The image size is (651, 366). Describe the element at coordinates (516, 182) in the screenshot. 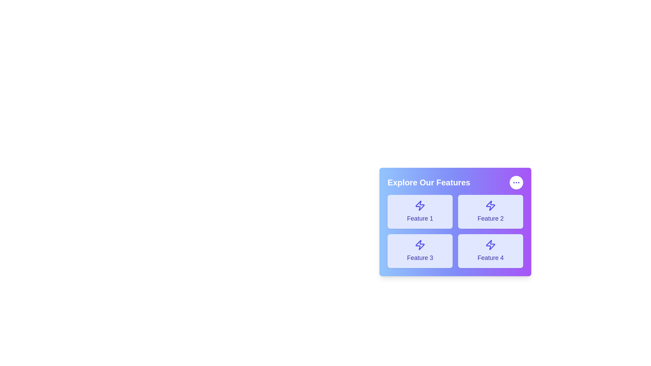

I see `the indigo horizontal ellipsis icon with three dots located at the bottom-right corner of the 'Explore Our Features' card` at that location.